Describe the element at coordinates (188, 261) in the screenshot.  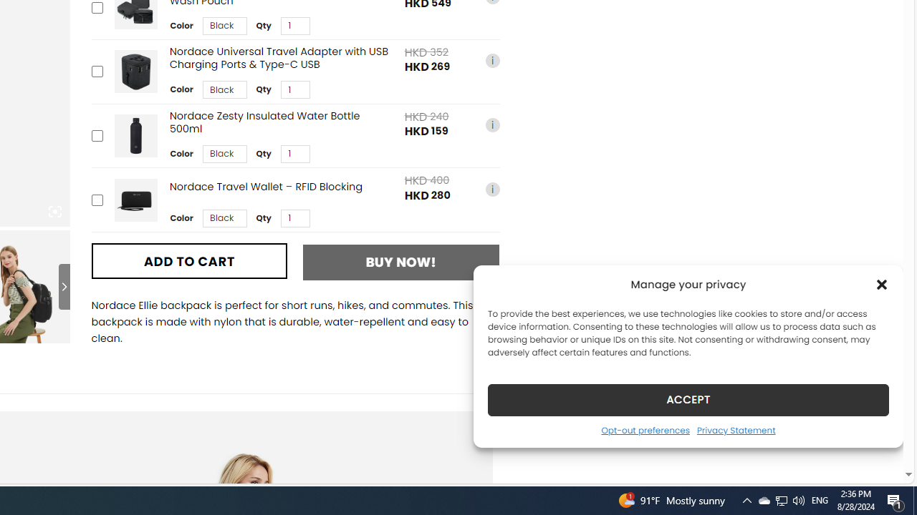
I see `'ADD TO CART'` at that location.